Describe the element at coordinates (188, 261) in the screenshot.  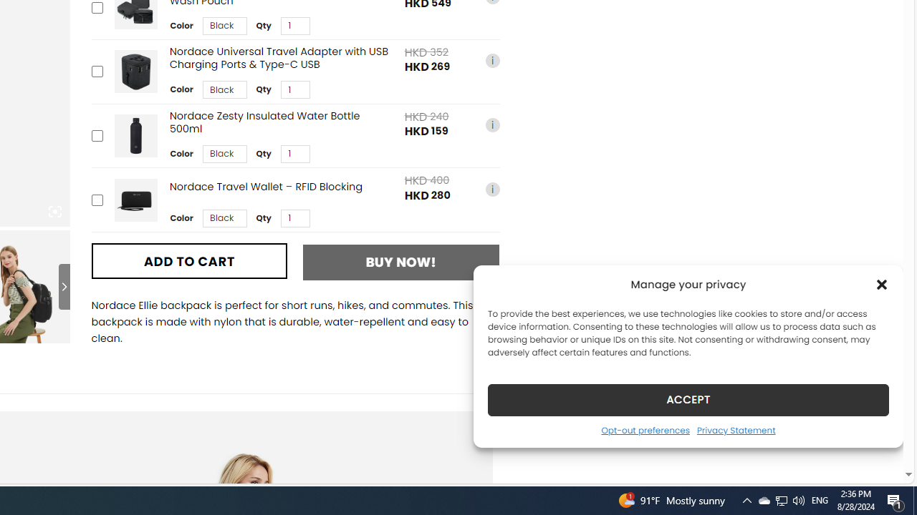
I see `'ADD TO CART'` at that location.